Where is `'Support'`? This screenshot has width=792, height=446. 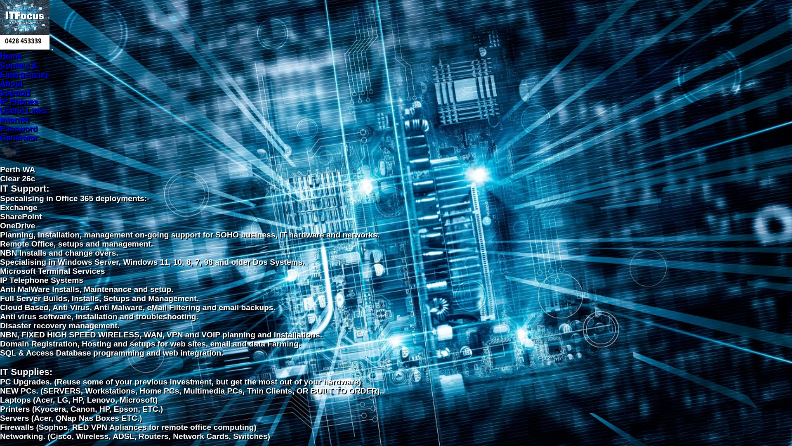
'Support' is located at coordinates (0, 92).